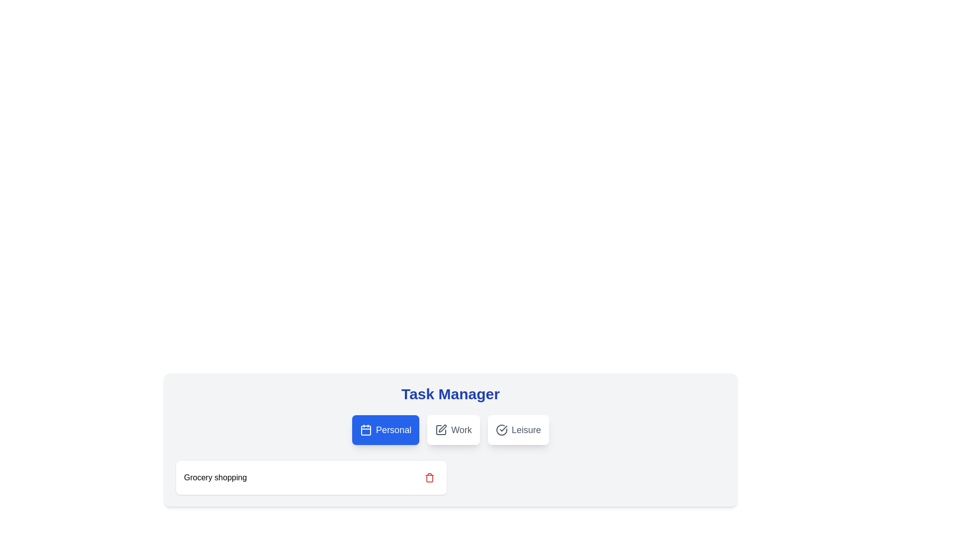 The height and width of the screenshot is (537, 955). What do you see at coordinates (503, 428) in the screenshot?
I see `the inner checkmark graphic of the circular 'checkmark' icon located to the upper-right of the 'Leisure' button` at bounding box center [503, 428].